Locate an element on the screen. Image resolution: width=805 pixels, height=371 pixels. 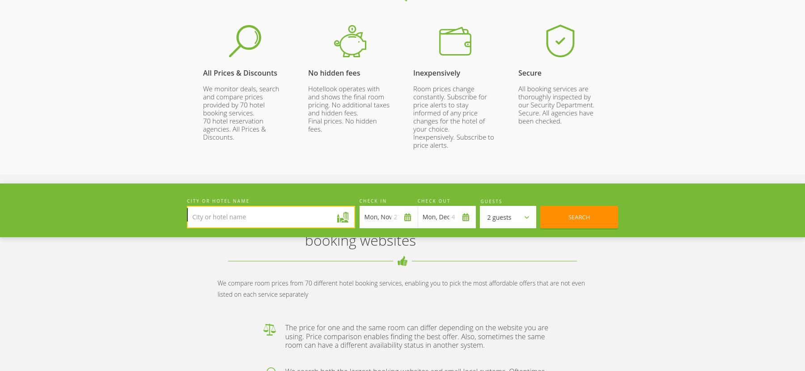
'support@hotellook.com' is located at coordinates (531, 177).